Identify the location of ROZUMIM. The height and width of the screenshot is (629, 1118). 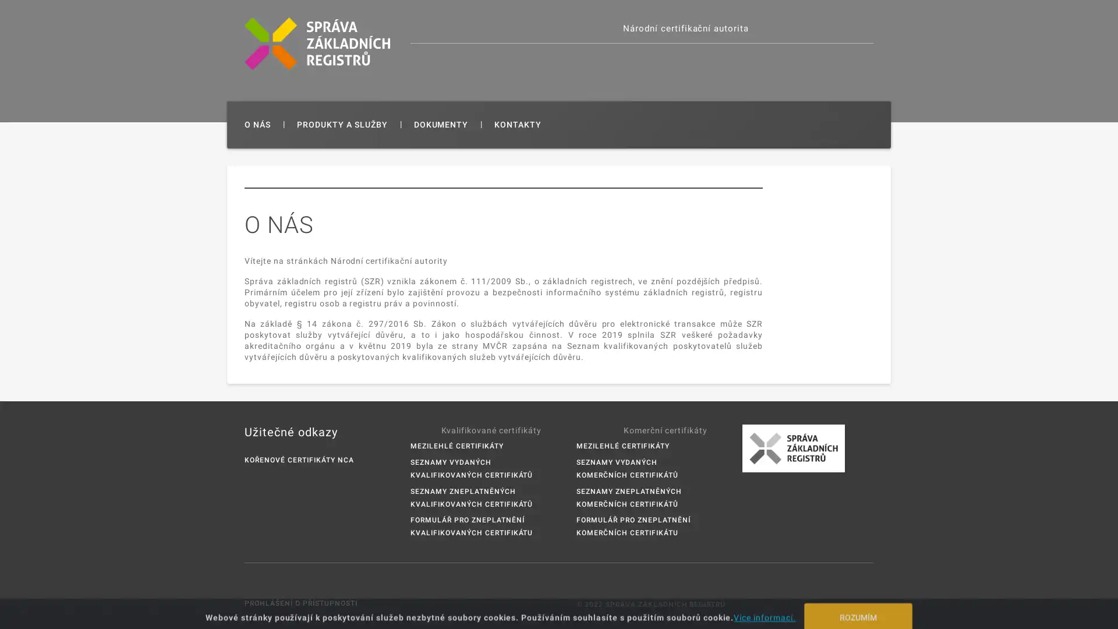
(858, 608).